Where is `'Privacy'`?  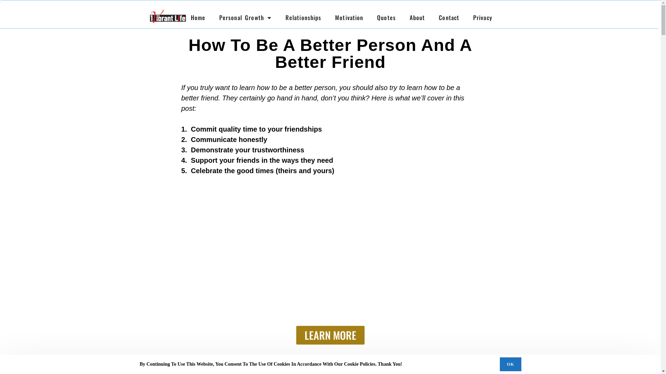 'Privacy' is located at coordinates (482, 17).